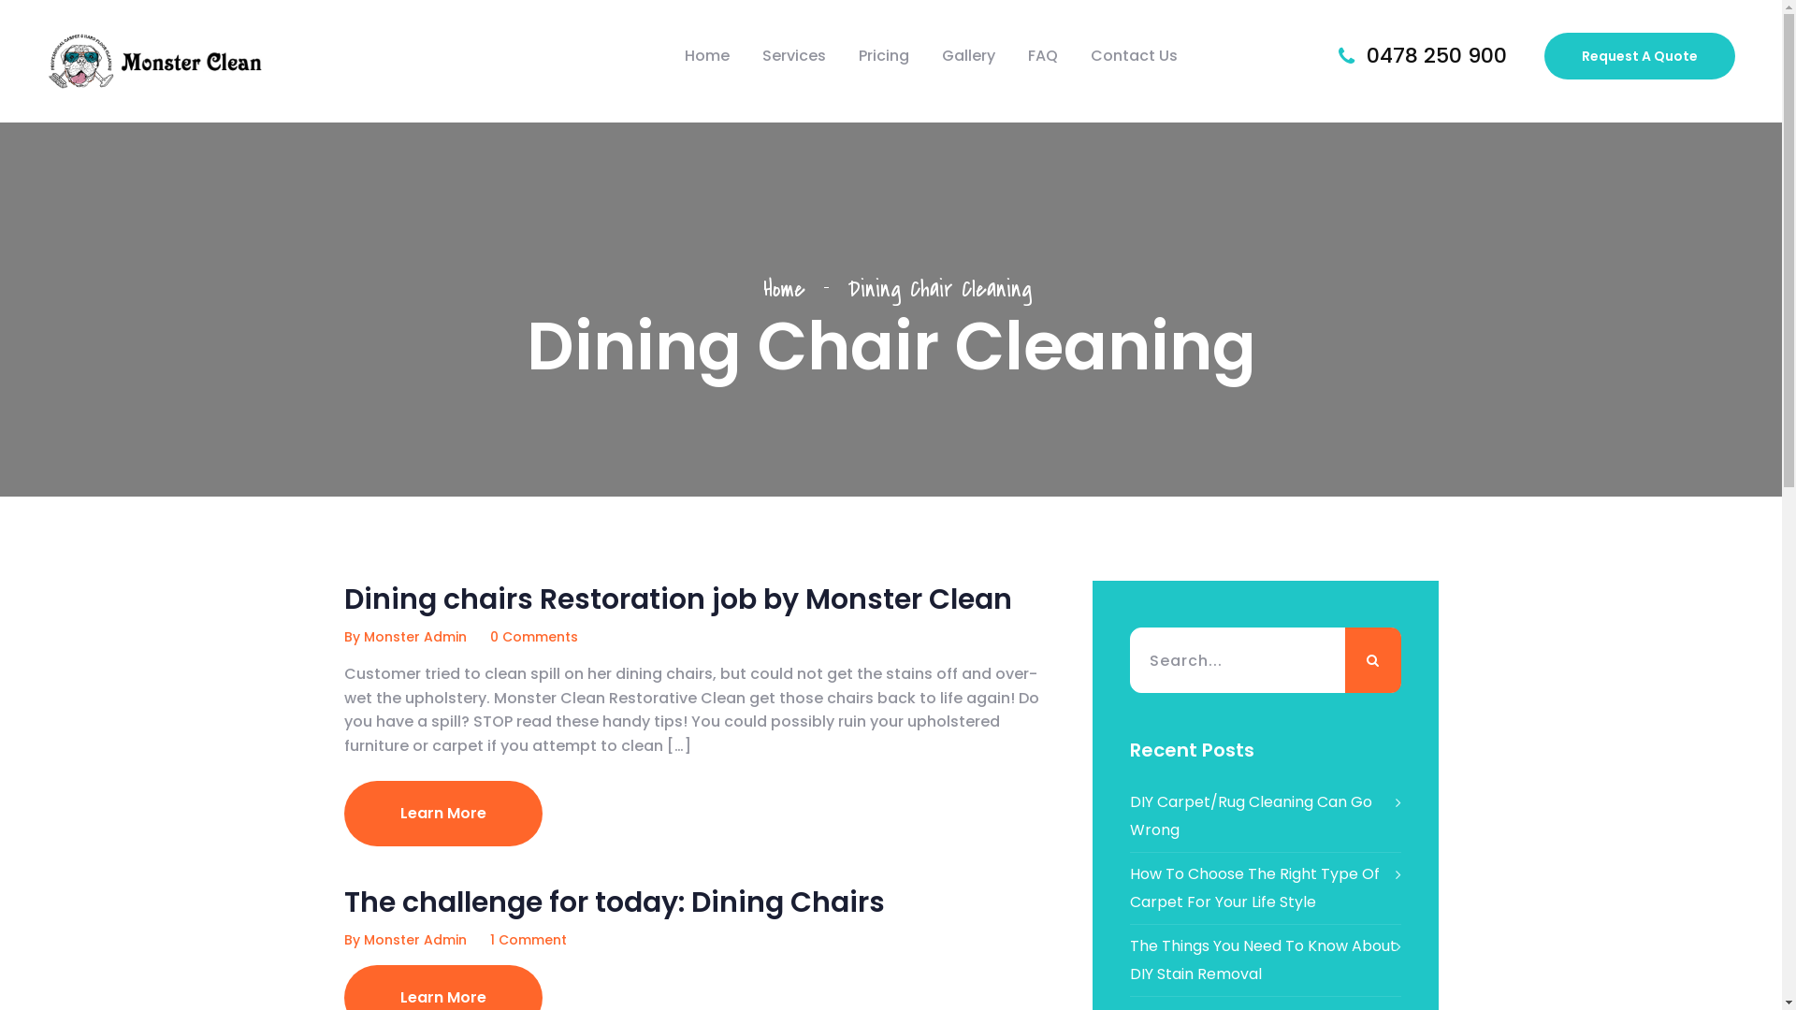 The image size is (1796, 1010). What do you see at coordinates (1266, 815) in the screenshot?
I see `'DIY Carpet/Rug Cleaning Can Go Wrong'` at bounding box center [1266, 815].